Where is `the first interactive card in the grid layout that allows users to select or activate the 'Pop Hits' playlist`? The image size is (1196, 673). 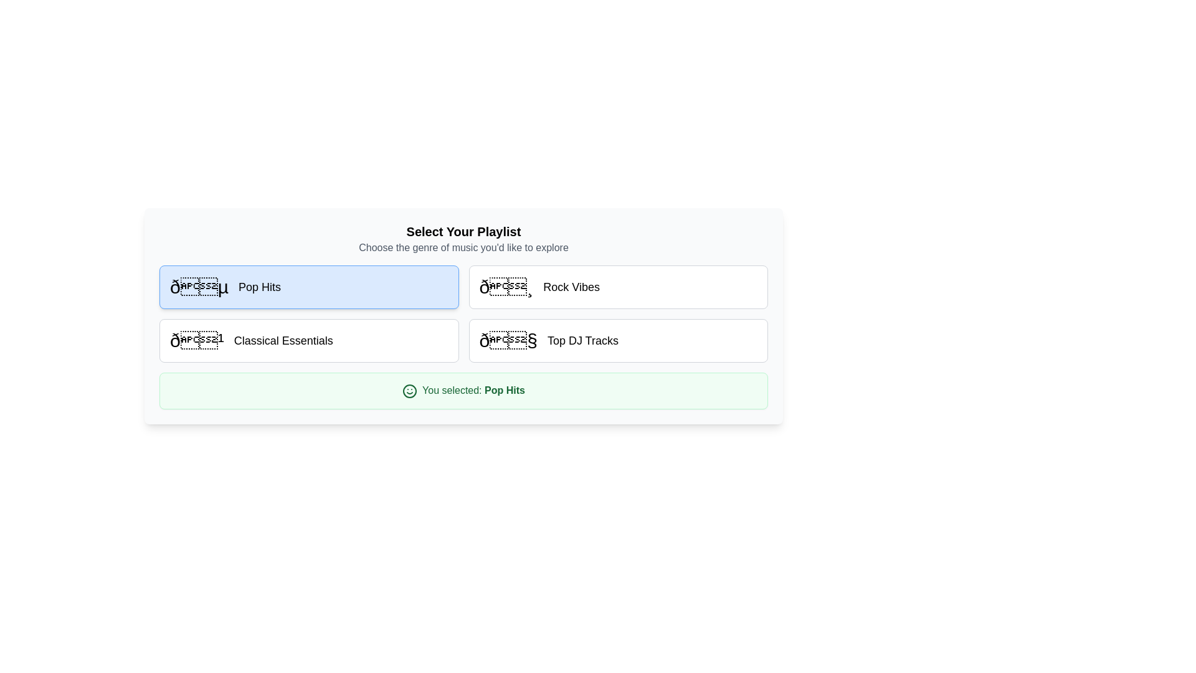
the first interactive card in the grid layout that allows users to select or activate the 'Pop Hits' playlist is located at coordinates (309, 287).